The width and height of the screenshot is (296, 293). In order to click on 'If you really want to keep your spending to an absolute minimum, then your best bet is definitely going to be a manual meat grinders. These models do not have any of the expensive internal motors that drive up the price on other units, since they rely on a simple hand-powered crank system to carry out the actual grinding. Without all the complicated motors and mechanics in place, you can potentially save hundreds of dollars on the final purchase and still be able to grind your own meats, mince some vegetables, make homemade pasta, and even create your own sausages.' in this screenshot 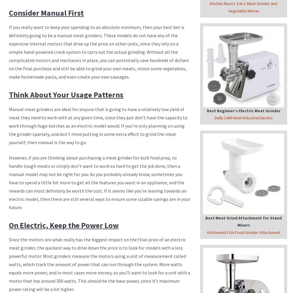, I will do `click(99, 51)`.